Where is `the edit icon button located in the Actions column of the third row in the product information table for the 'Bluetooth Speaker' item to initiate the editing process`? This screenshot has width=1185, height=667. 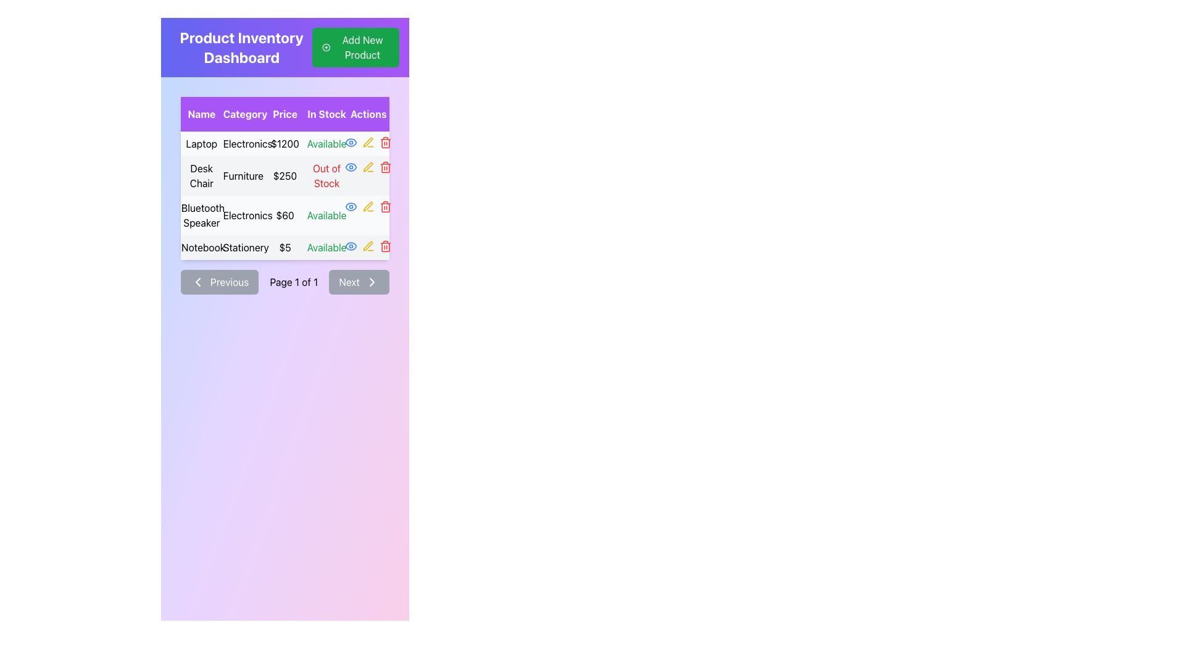 the edit icon button located in the Actions column of the third row in the product information table for the 'Bluetooth Speaker' item to initiate the editing process is located at coordinates (367, 206).